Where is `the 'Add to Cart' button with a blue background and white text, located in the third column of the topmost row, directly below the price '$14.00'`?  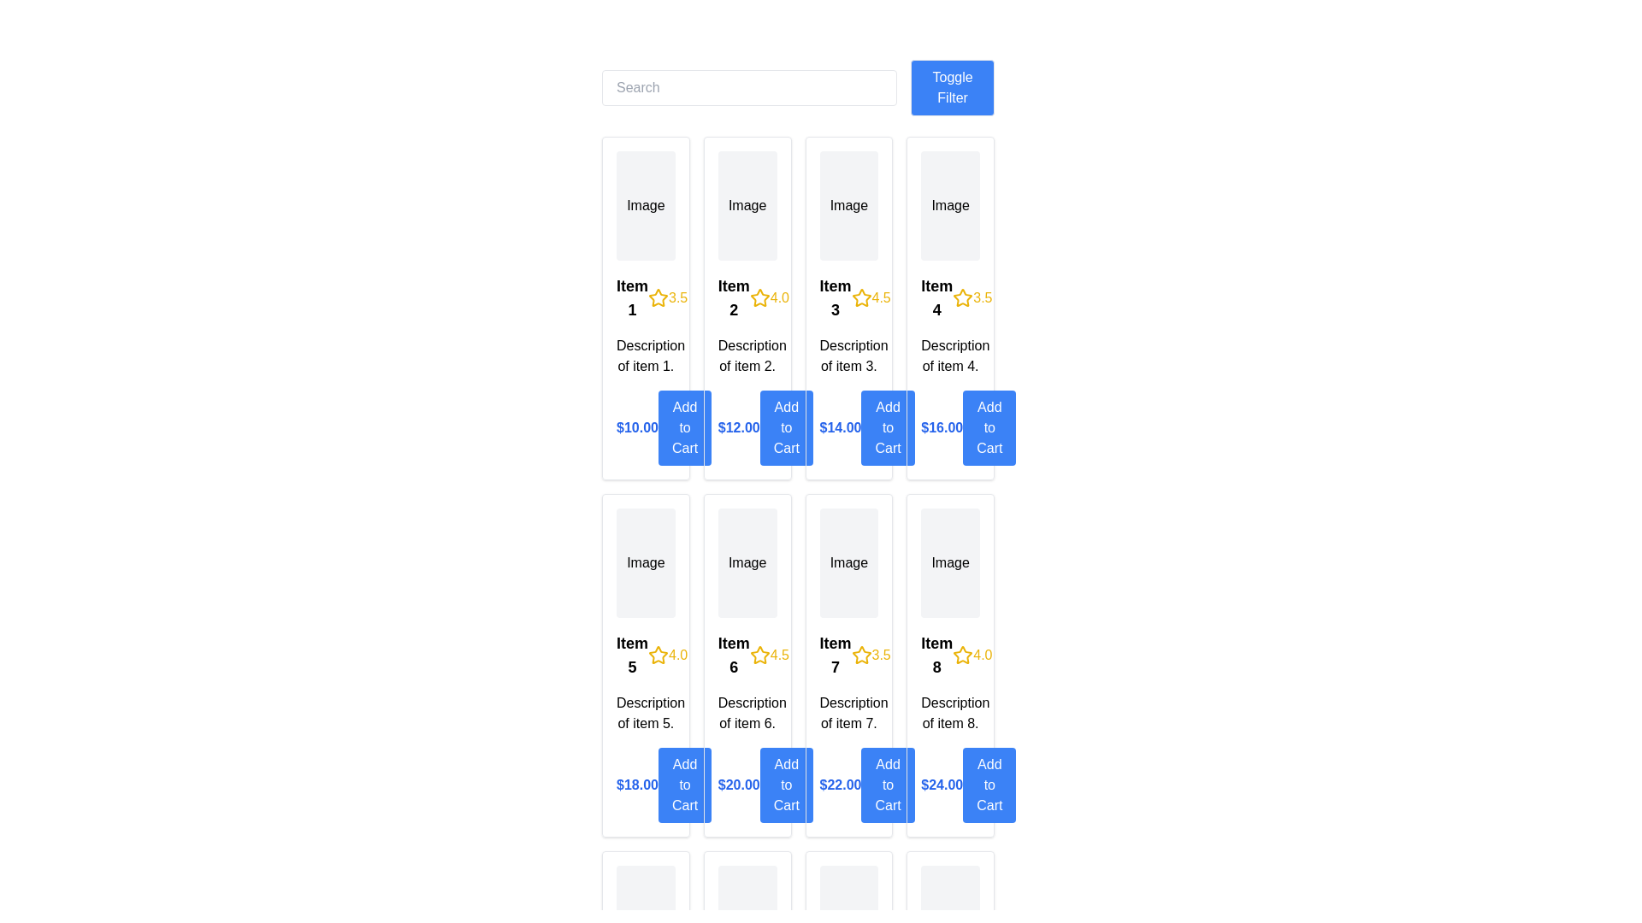 the 'Add to Cart' button with a blue background and white text, located in the third column of the topmost row, directly below the price '$14.00' is located at coordinates (888, 427).